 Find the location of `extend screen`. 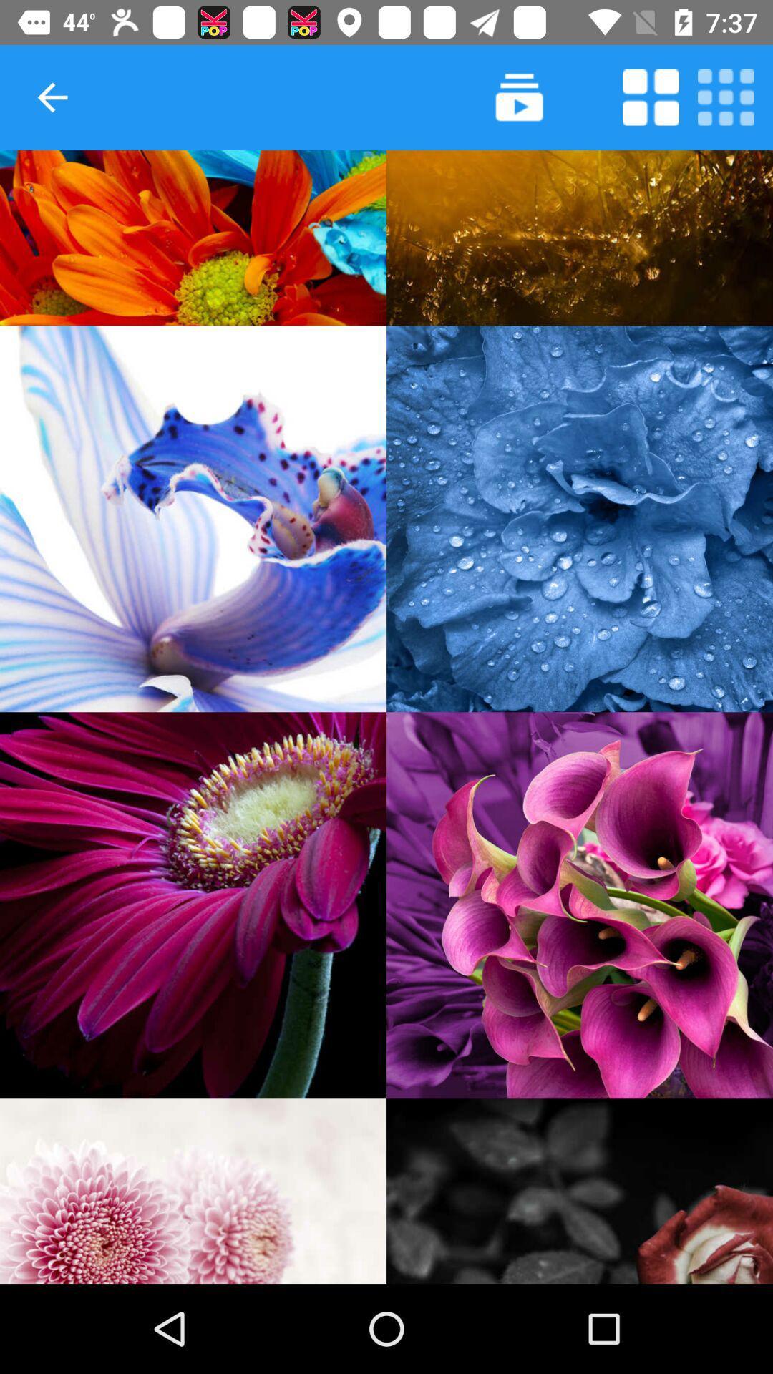

extend screen is located at coordinates (651, 97).